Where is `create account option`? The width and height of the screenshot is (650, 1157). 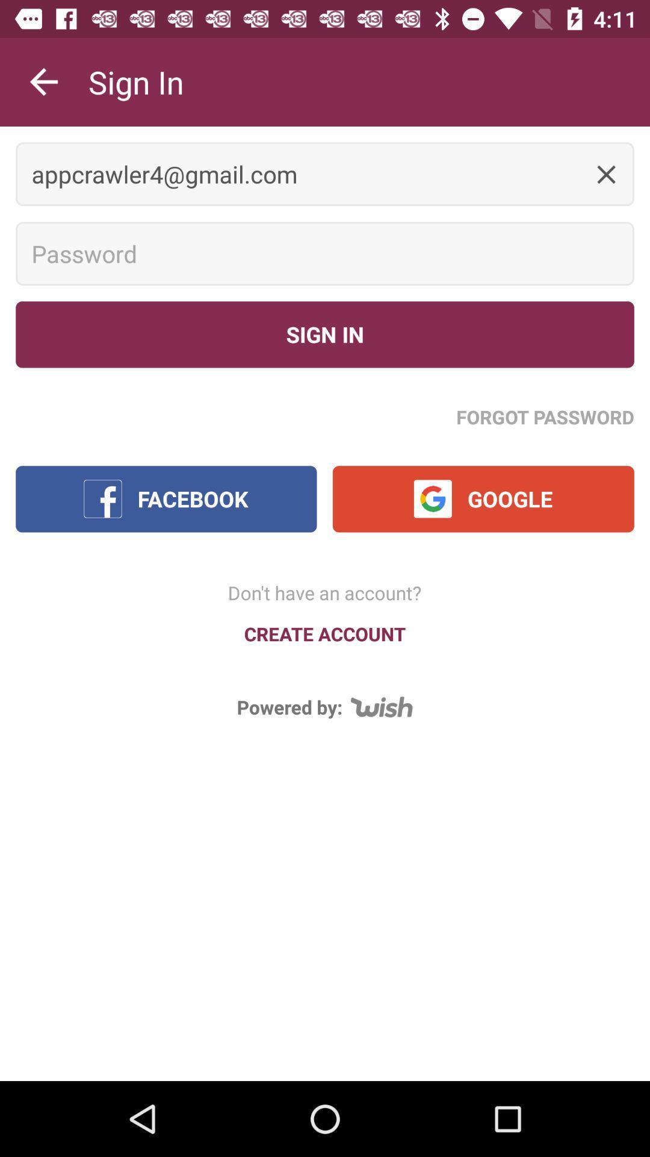
create account option is located at coordinates (325, 633).